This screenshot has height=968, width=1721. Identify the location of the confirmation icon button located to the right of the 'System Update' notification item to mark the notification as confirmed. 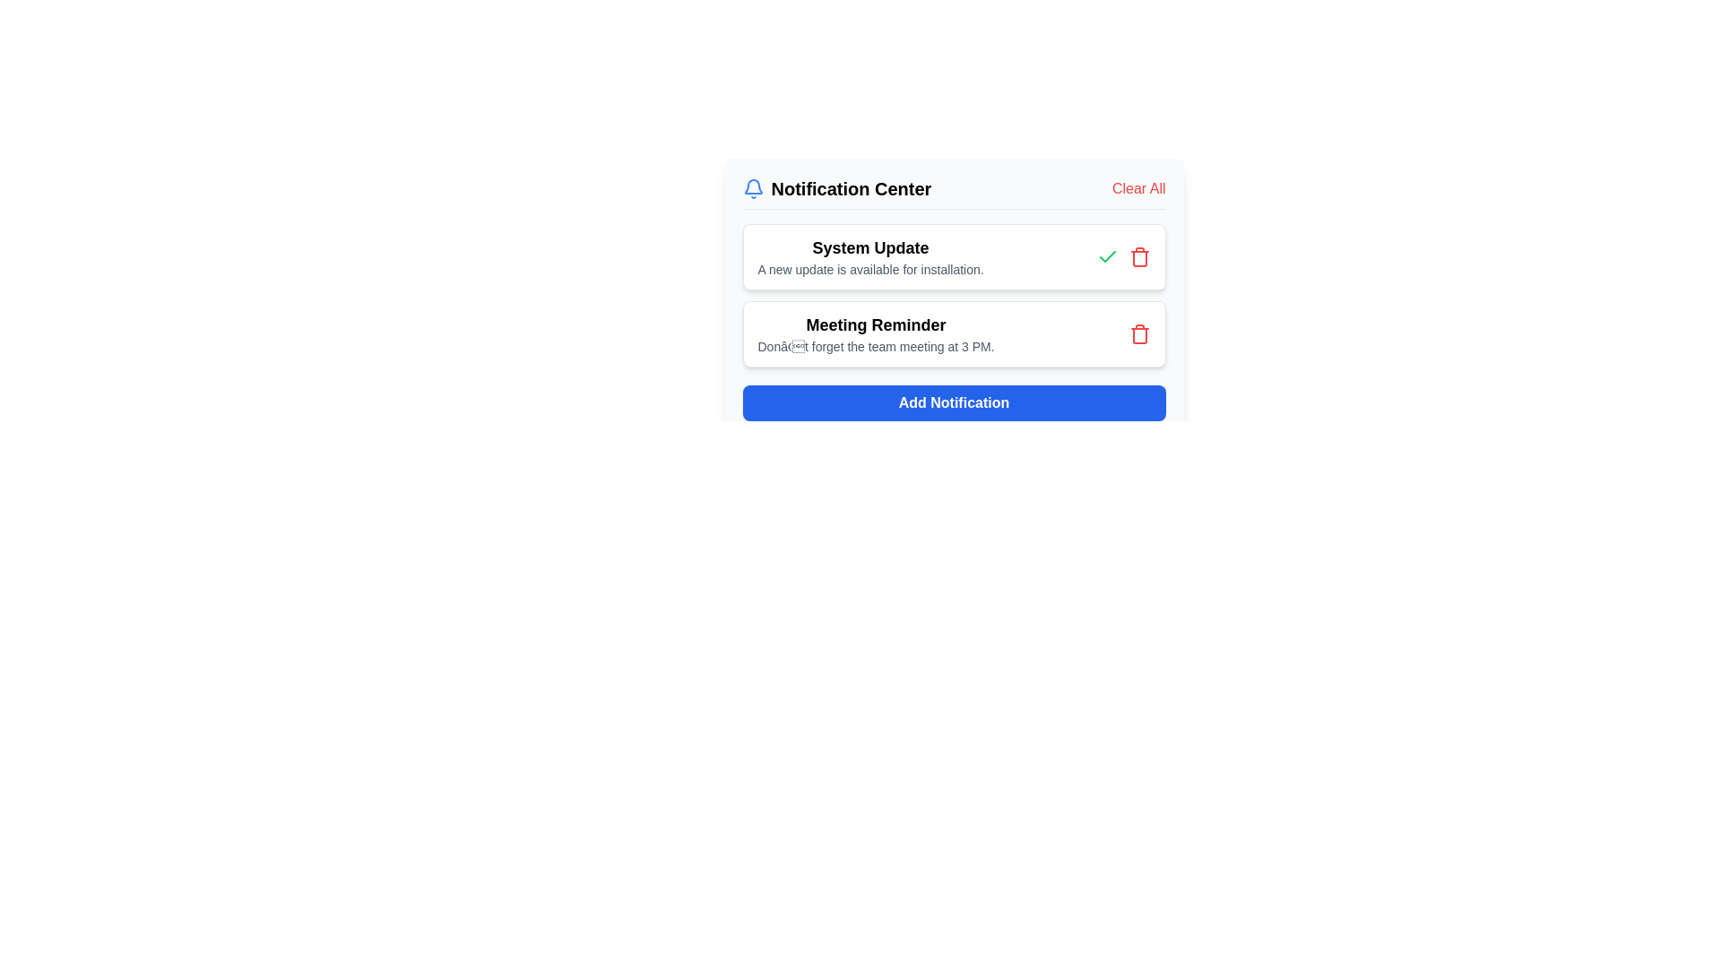
(1106, 256).